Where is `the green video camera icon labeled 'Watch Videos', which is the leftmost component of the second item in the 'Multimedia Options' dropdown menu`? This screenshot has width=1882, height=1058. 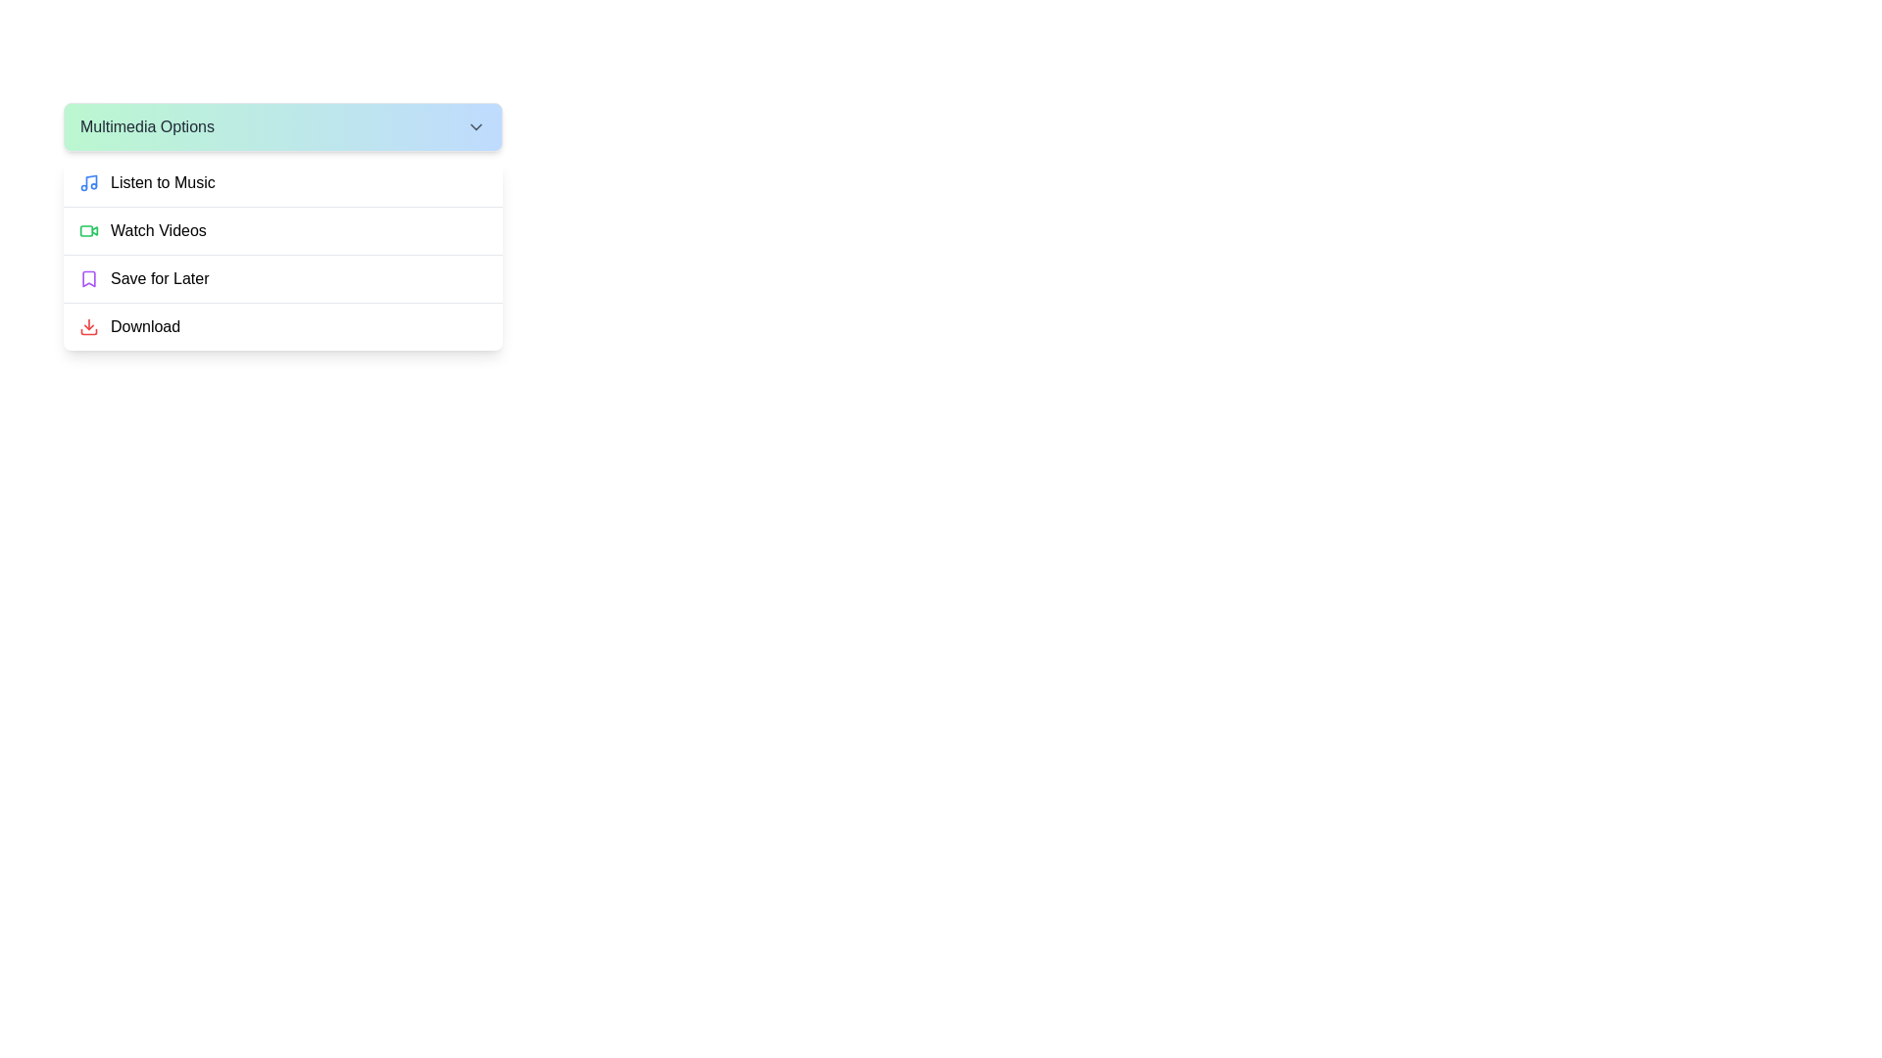 the green video camera icon labeled 'Watch Videos', which is the leftmost component of the second item in the 'Multimedia Options' dropdown menu is located at coordinates (88, 229).